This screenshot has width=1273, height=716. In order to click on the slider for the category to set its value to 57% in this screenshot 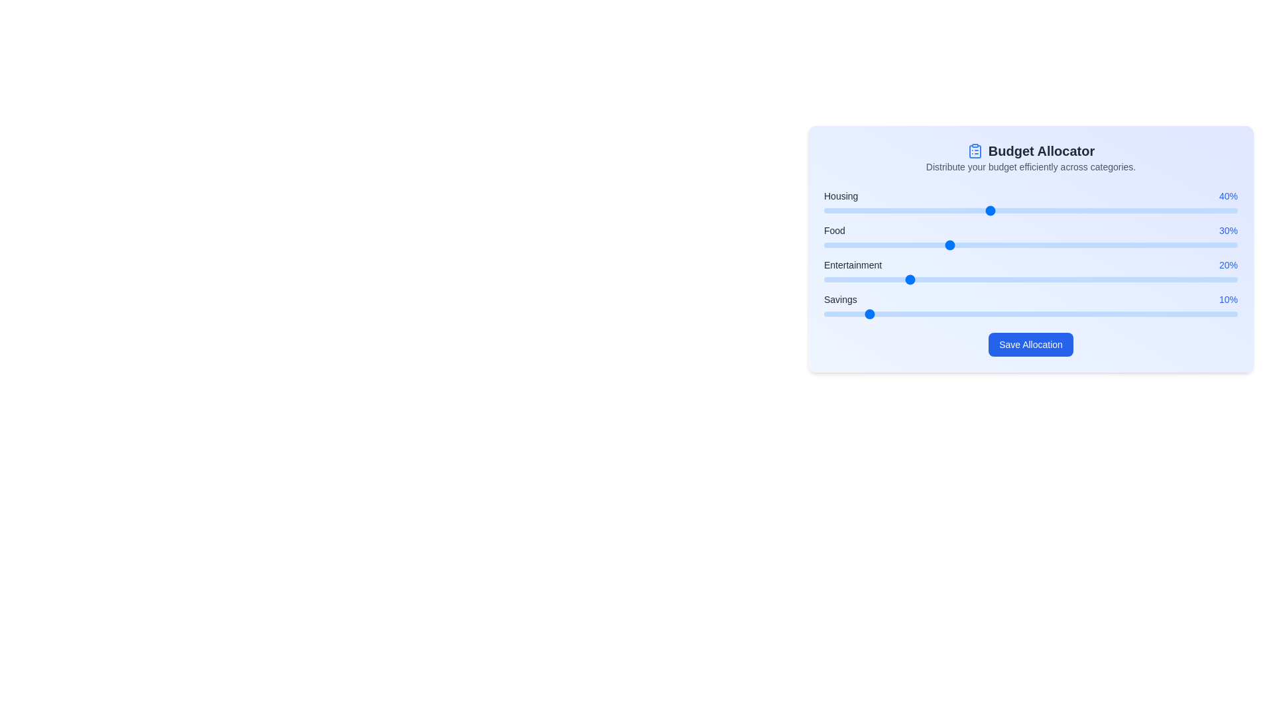, I will do `click(1059, 209)`.